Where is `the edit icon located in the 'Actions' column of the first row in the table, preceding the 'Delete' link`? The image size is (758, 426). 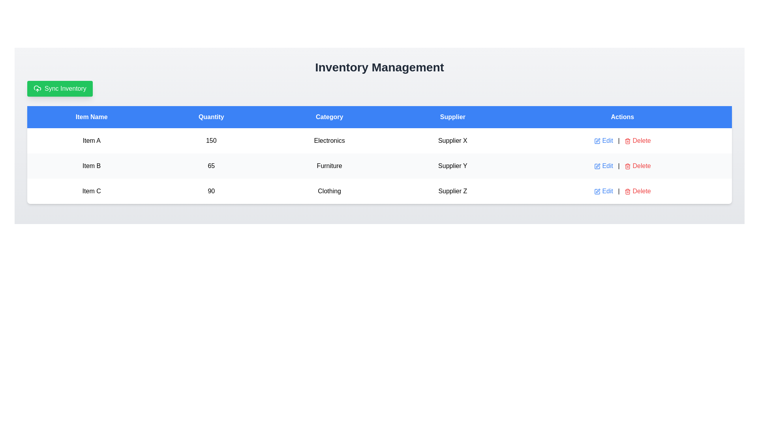 the edit icon located in the 'Actions' column of the first row in the table, preceding the 'Delete' link is located at coordinates (597, 140).